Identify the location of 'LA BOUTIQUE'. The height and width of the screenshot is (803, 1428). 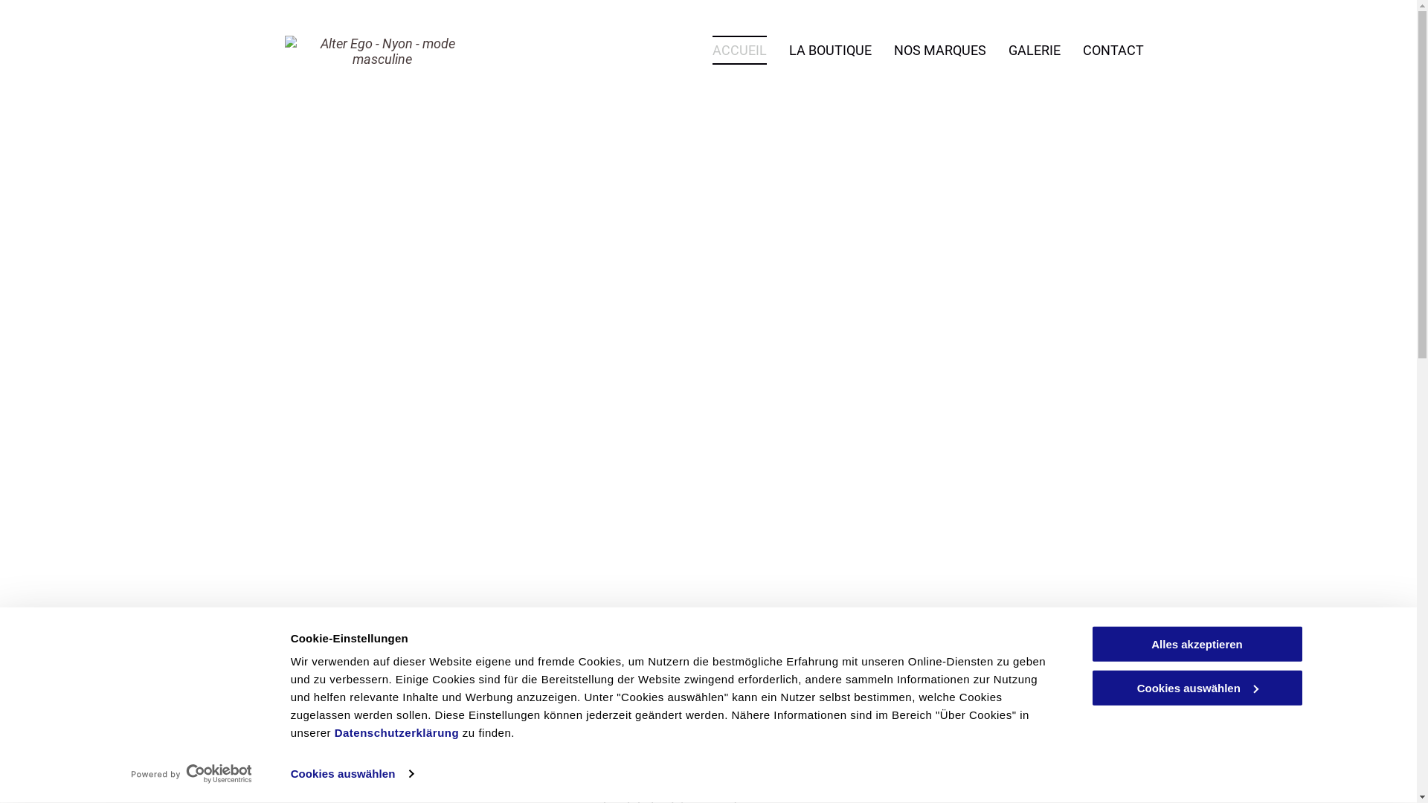
(829, 49).